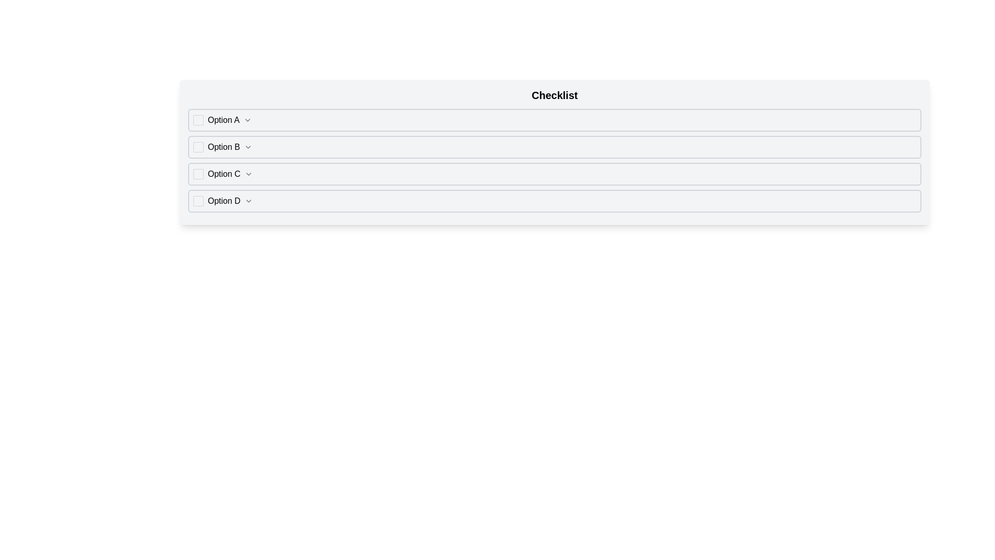 The image size is (995, 560). Describe the element at coordinates (198, 119) in the screenshot. I see `the checkbox` at that location.